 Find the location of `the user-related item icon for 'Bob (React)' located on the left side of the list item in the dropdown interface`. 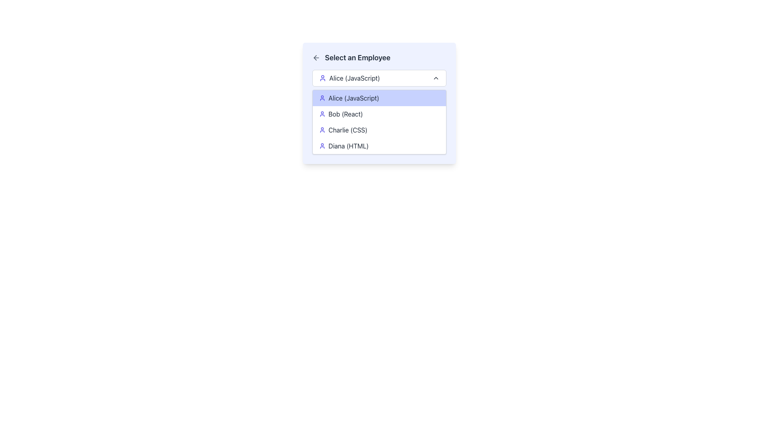

the user-related item icon for 'Bob (React)' located on the left side of the list item in the dropdown interface is located at coordinates (322, 114).